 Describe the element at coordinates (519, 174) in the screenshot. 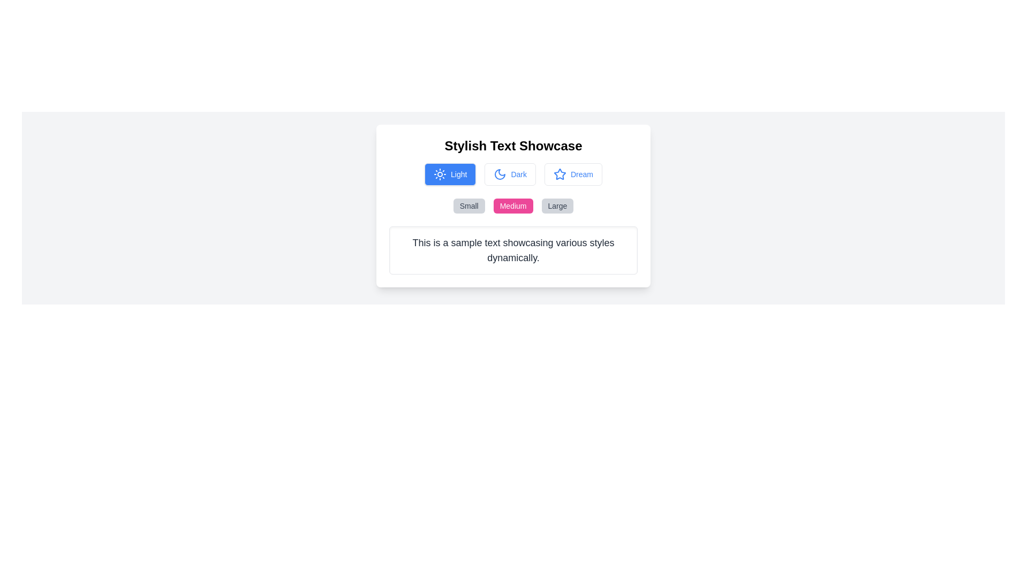

I see `the 'Dark' label element, which is styled in bold blue font and is part of a theme selection layout next to a moon icon` at that location.